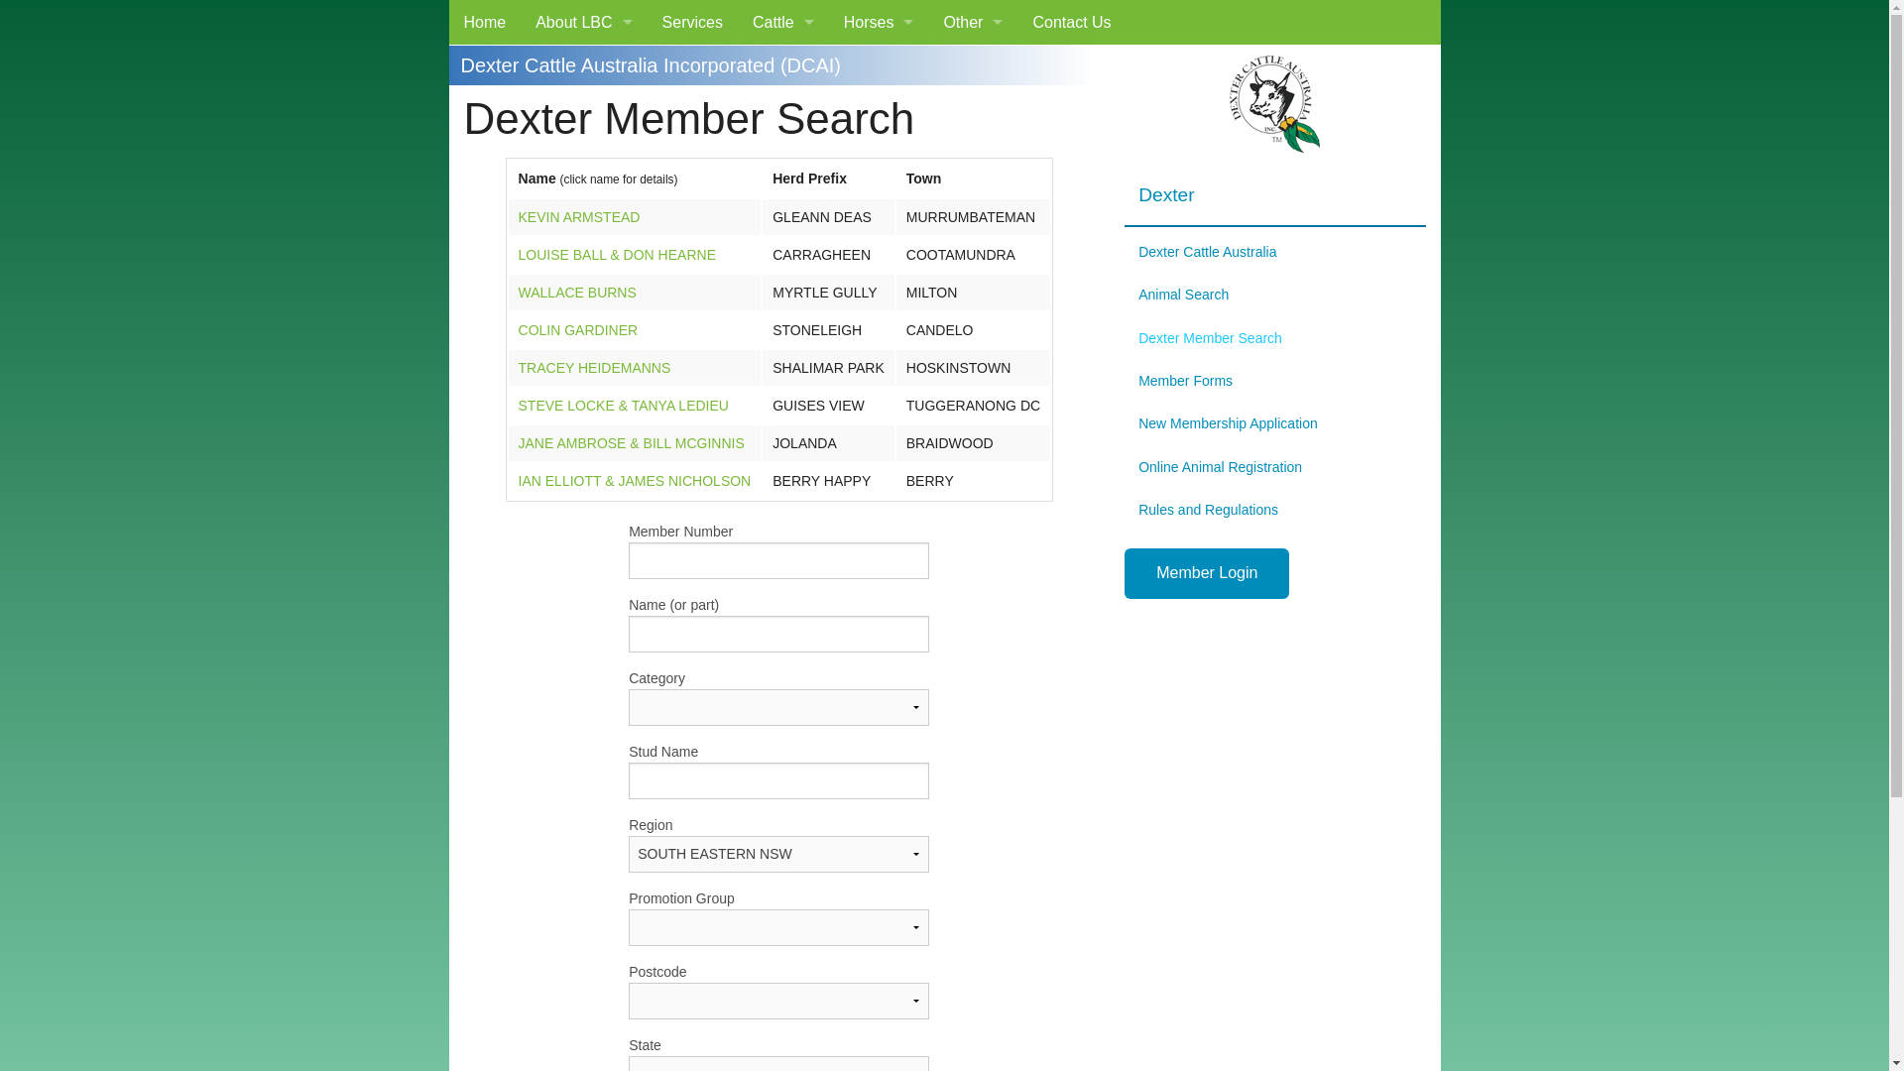 The height and width of the screenshot is (1071, 1904). What do you see at coordinates (446, 22) in the screenshot?
I see `'Home'` at bounding box center [446, 22].